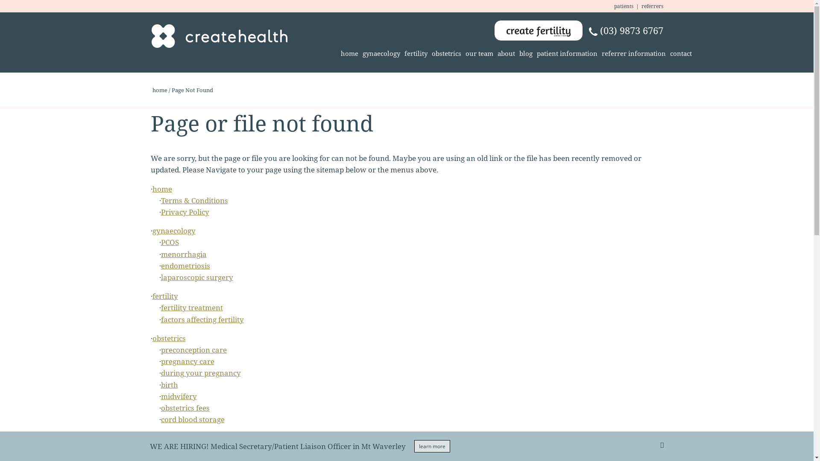  Describe the element at coordinates (463, 54) in the screenshot. I see `'our team'` at that location.